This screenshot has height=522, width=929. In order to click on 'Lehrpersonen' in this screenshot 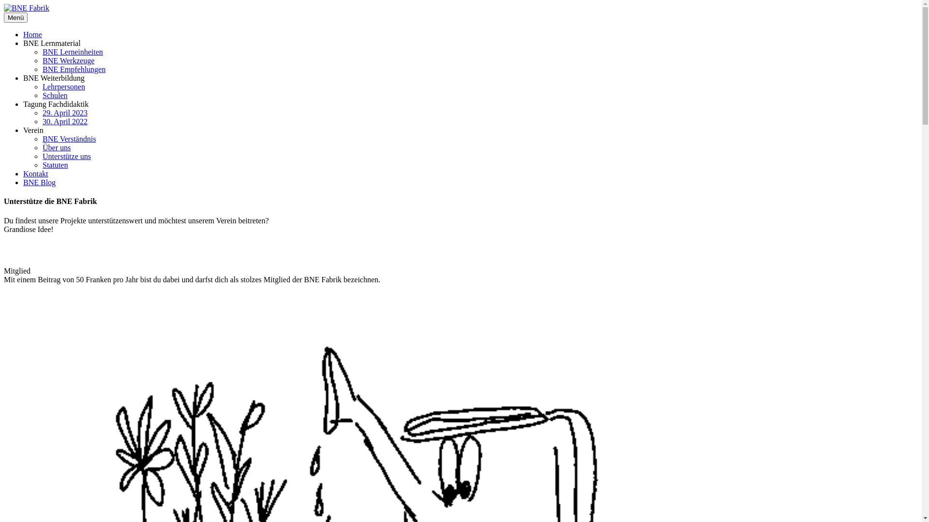, I will do `click(63, 86)`.